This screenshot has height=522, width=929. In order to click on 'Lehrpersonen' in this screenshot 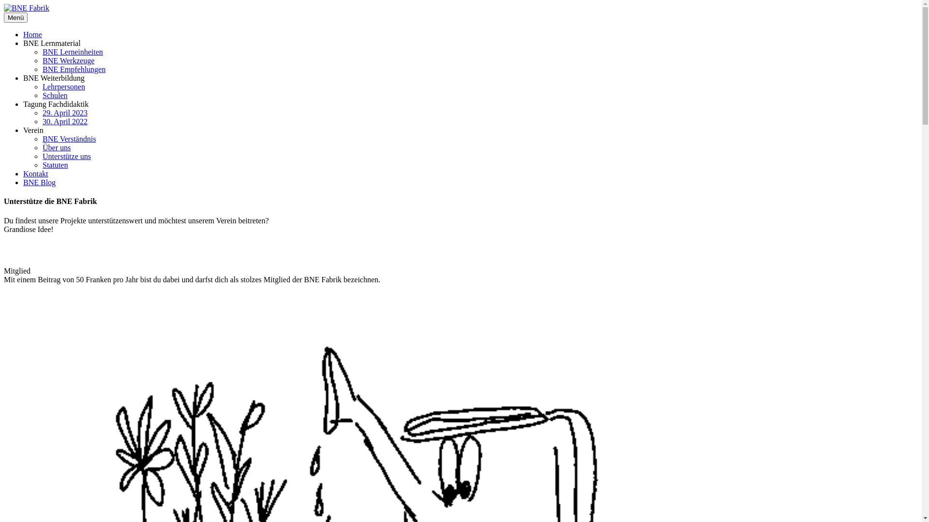, I will do `click(63, 86)`.